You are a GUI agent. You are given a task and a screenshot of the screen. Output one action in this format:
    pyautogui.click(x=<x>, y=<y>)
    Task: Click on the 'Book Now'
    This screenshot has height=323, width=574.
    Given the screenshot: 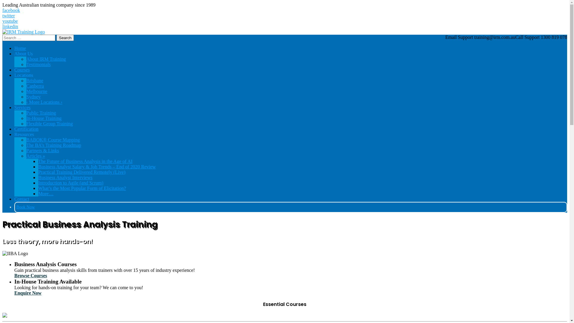 What is the action you would take?
    pyautogui.click(x=25, y=207)
    